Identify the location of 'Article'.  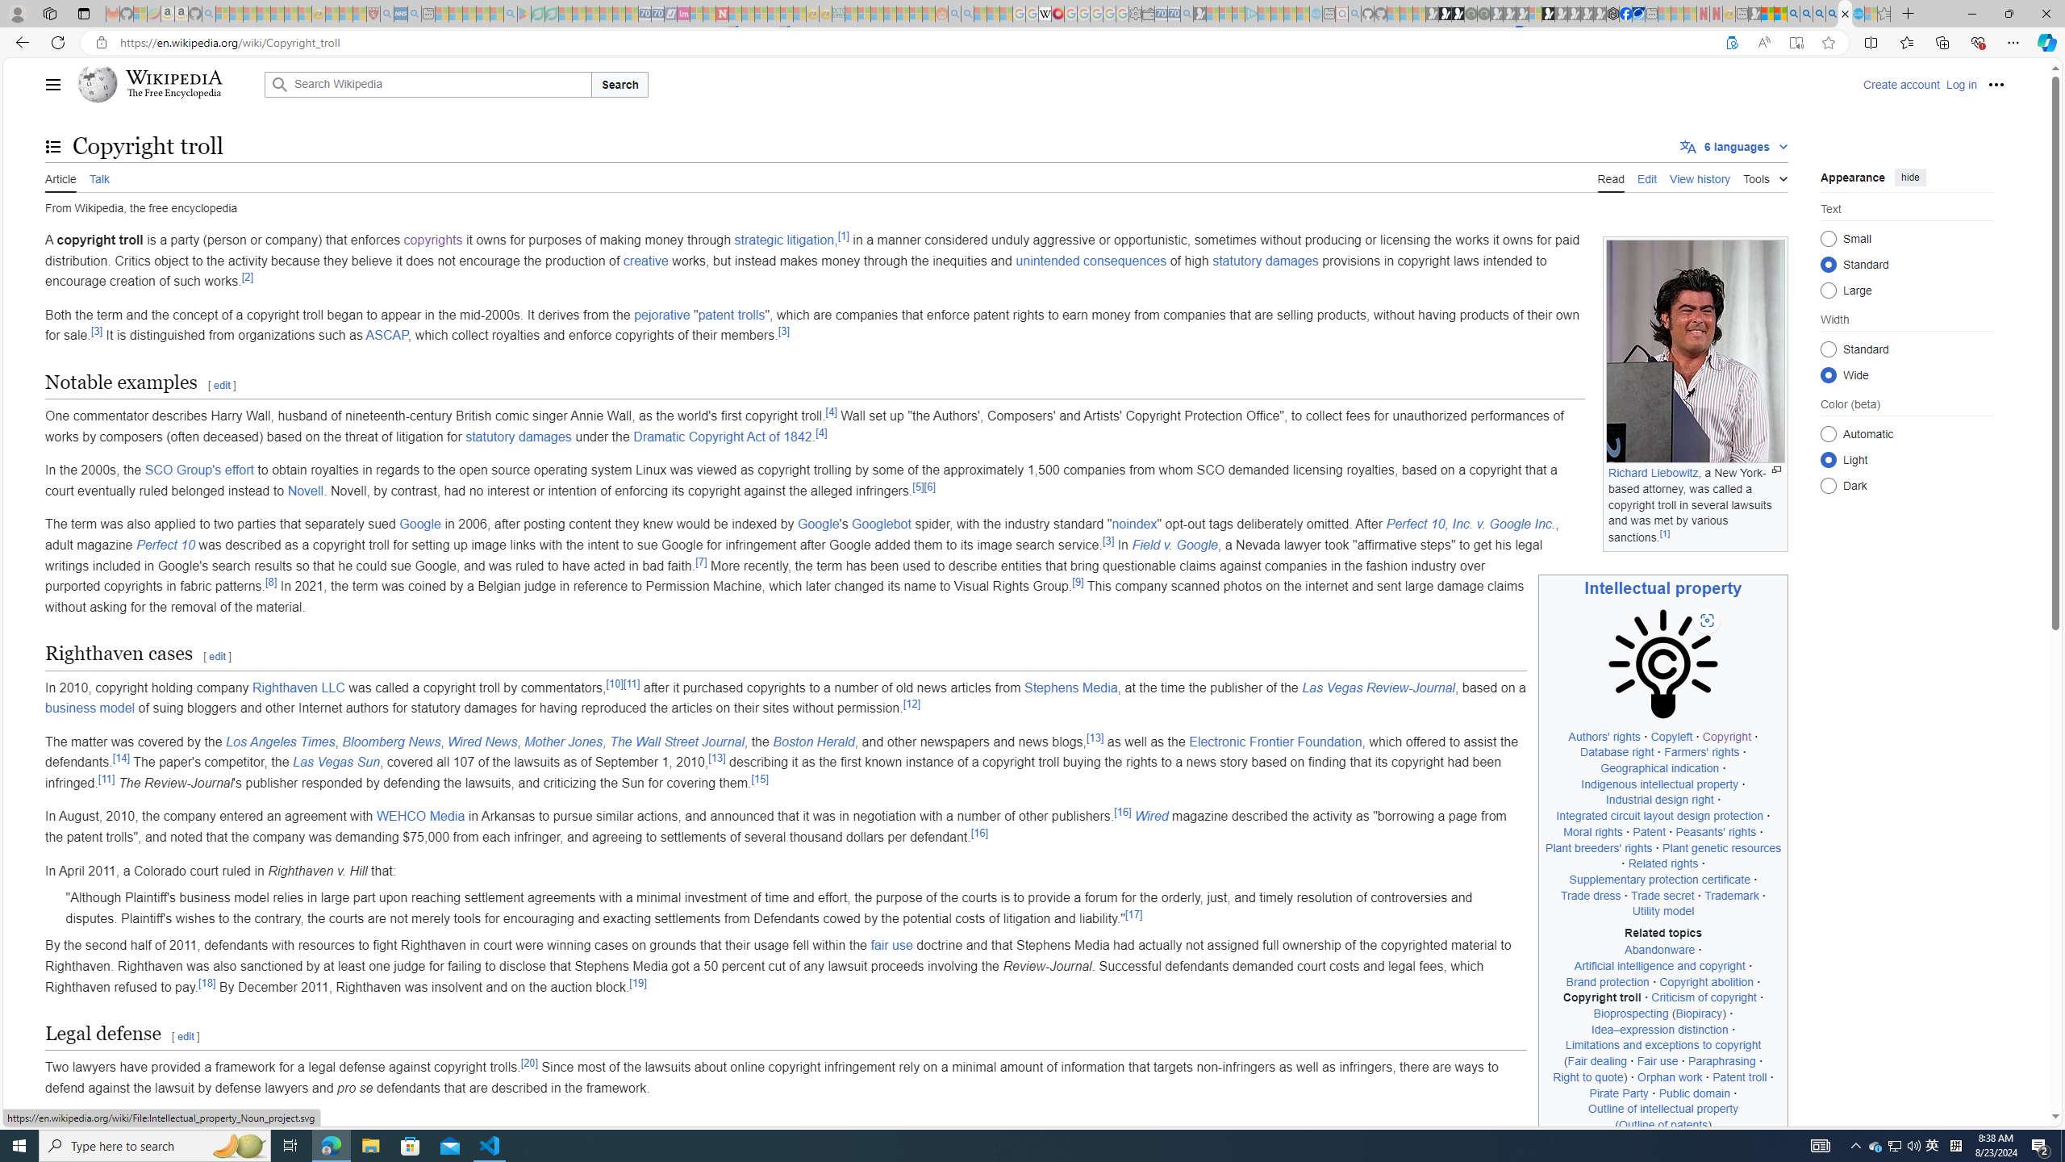
(60, 177).